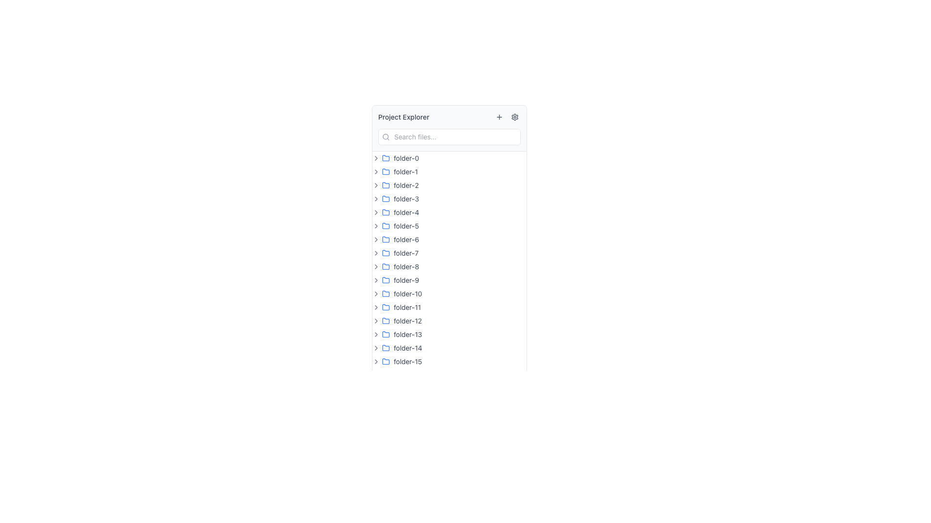 This screenshot has height=523, width=931. Describe the element at coordinates (376, 321) in the screenshot. I see `the chevron icon for the folder entry labeled 'folder-12'` at that location.